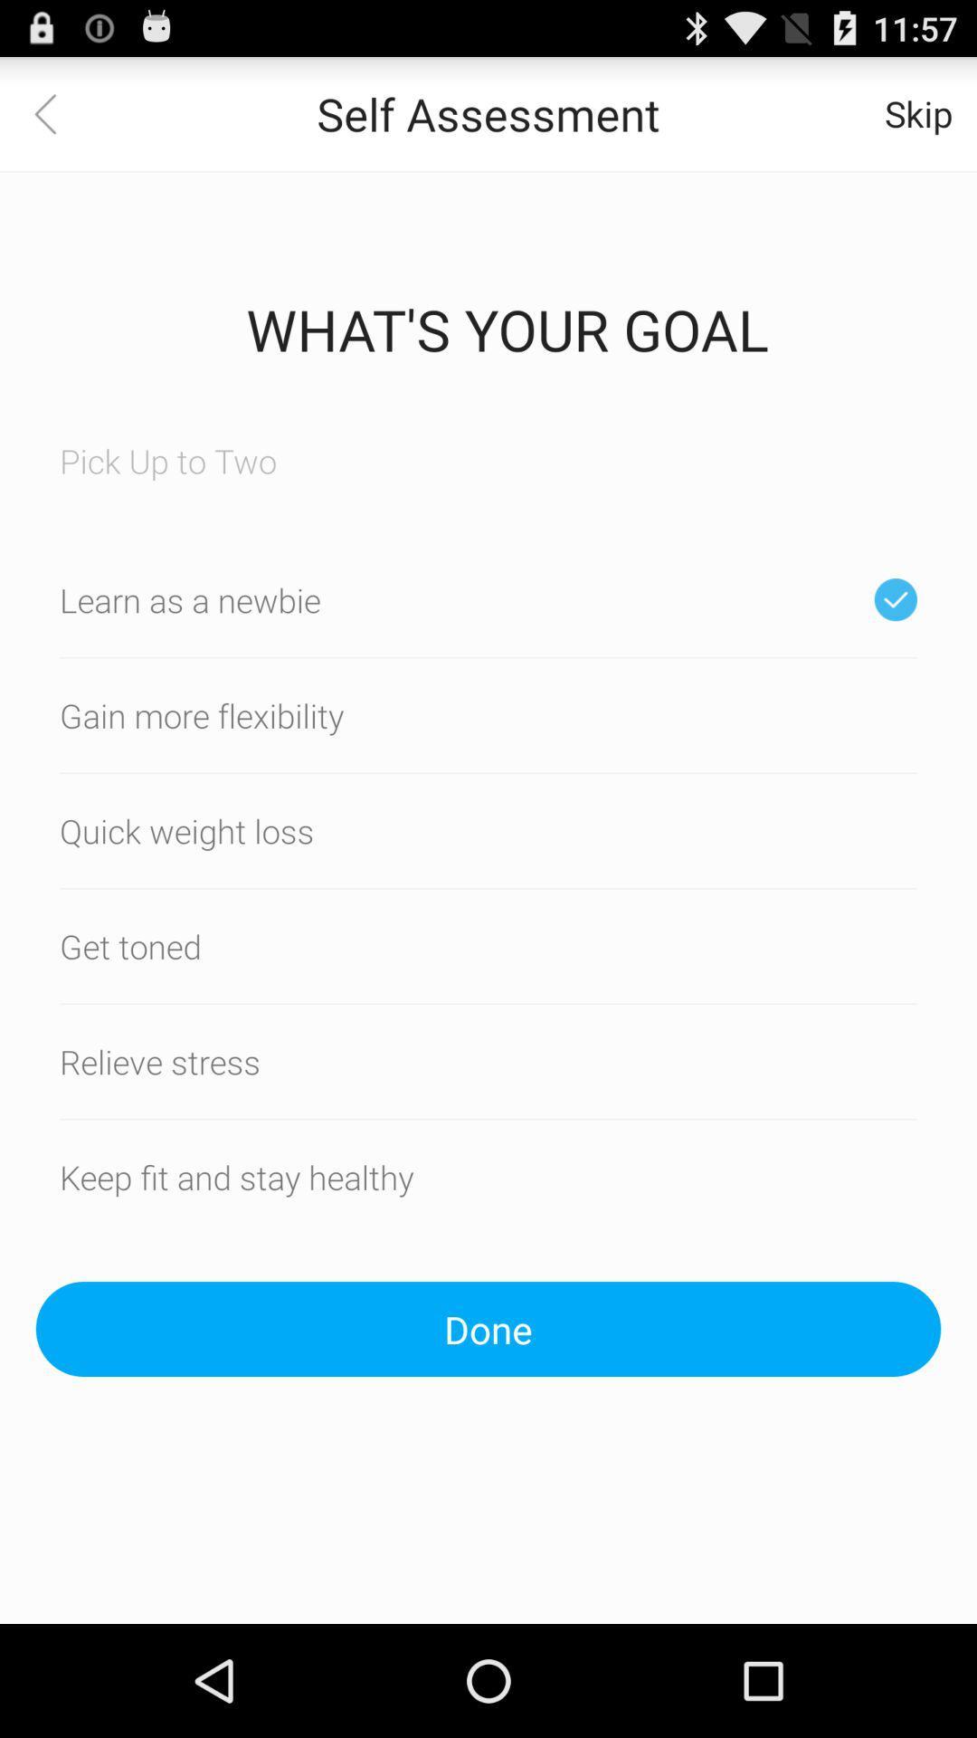  I want to click on app to the left of the self assessment, so click(55, 112).